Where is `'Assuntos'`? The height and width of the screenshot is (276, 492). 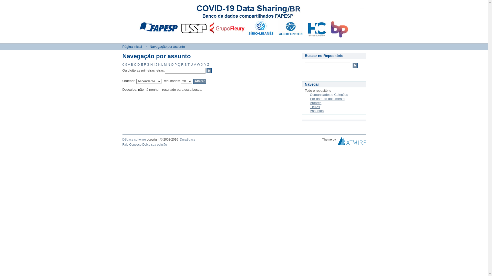 'Assuntos' is located at coordinates (316, 110).